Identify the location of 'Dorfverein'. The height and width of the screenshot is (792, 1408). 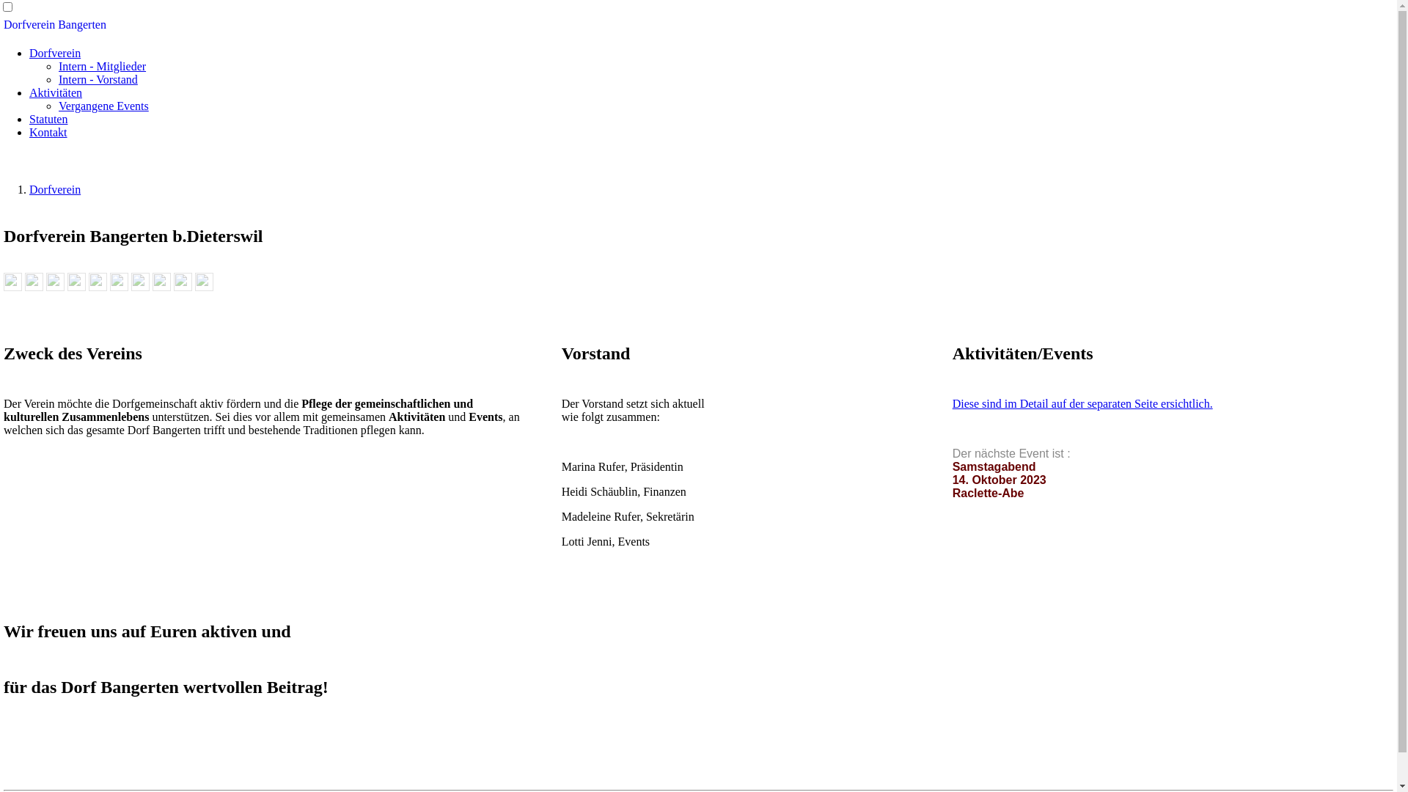
(55, 52).